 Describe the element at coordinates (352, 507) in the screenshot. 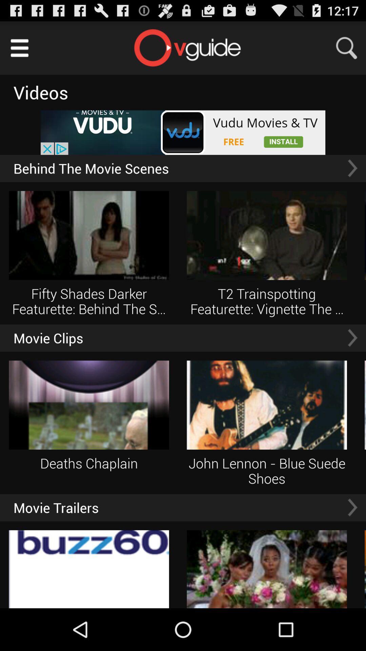

I see `go next movie trailers` at that location.